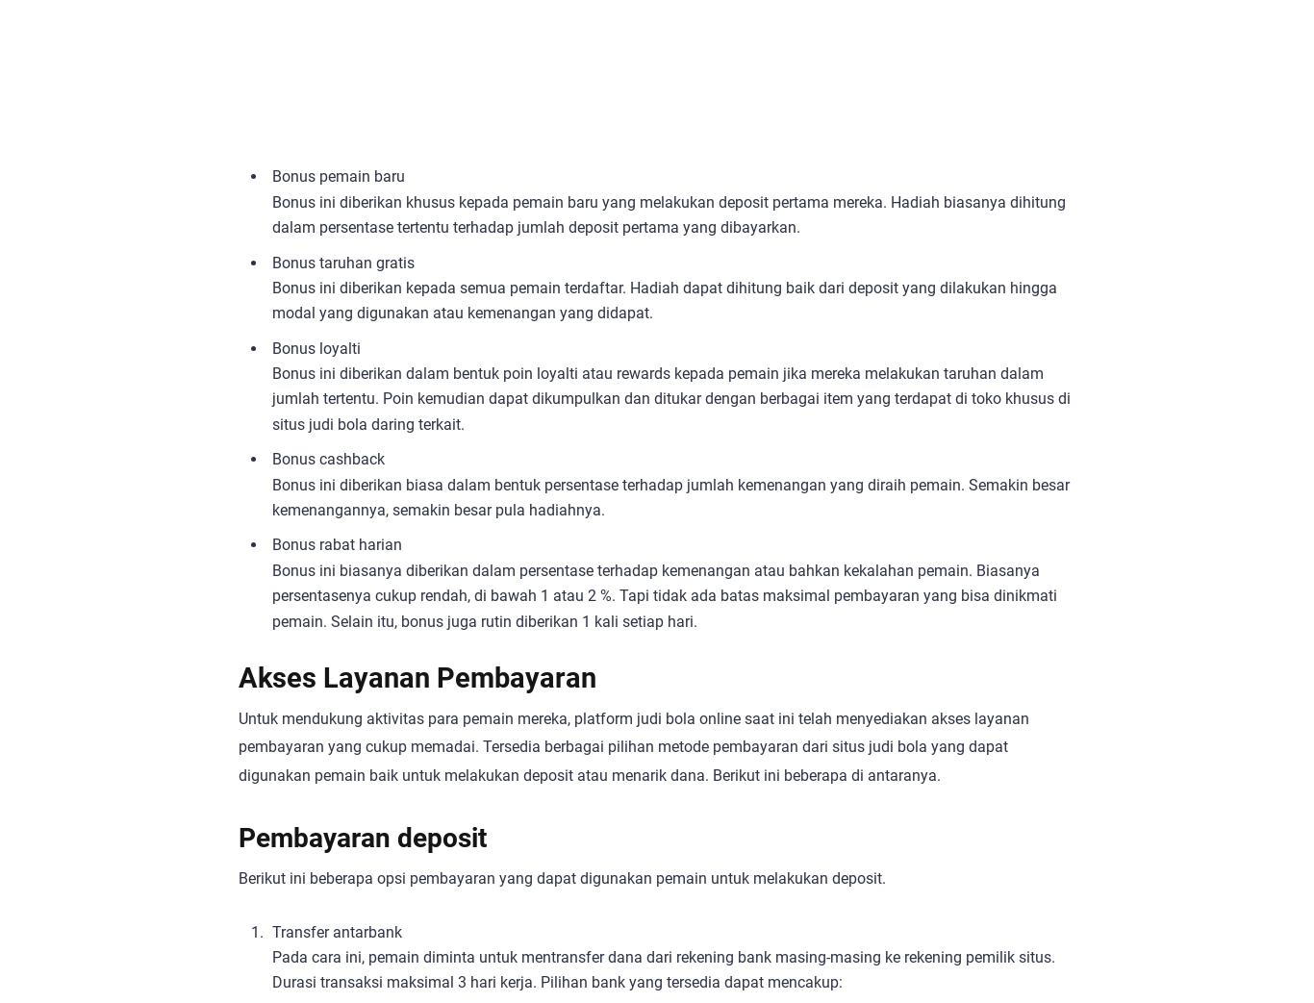 Image resolution: width=1314 pixels, height=1003 pixels. I want to click on 'Bonus ini diberikan khusus kepada pemain baru yang melakukan deposit pertama mereka. Hadiah biasanya dihitung dalam persentase tertentu terhadap jumlah deposit pertama yang dibayarkan.', so click(669, 213).